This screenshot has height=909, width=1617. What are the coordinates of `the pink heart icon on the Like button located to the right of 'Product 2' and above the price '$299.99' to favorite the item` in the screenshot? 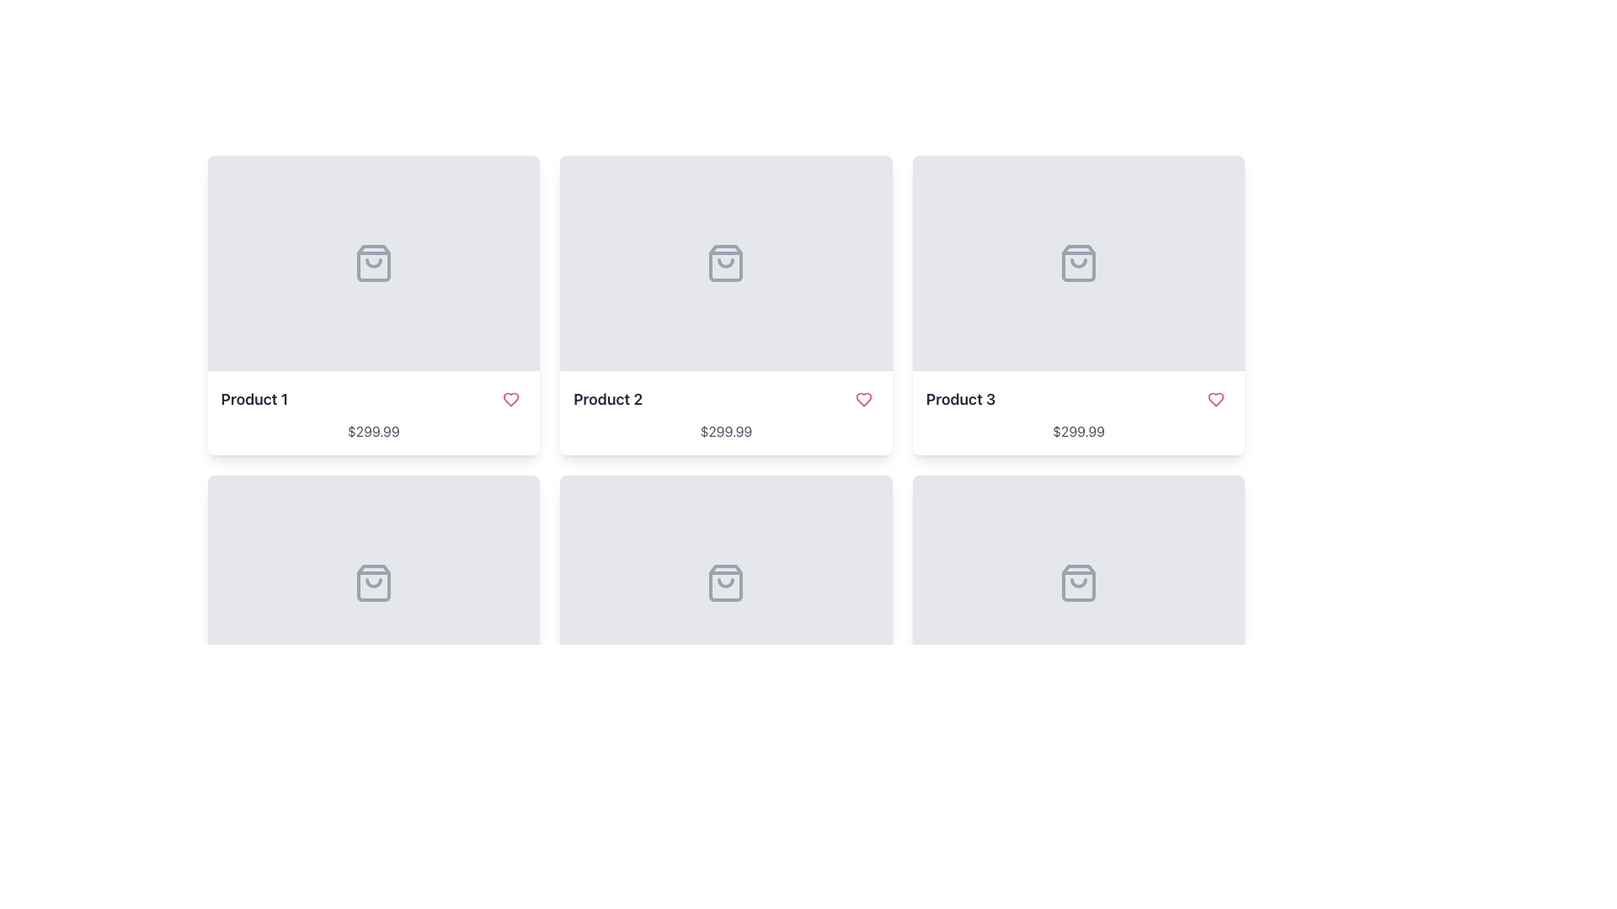 It's located at (863, 399).